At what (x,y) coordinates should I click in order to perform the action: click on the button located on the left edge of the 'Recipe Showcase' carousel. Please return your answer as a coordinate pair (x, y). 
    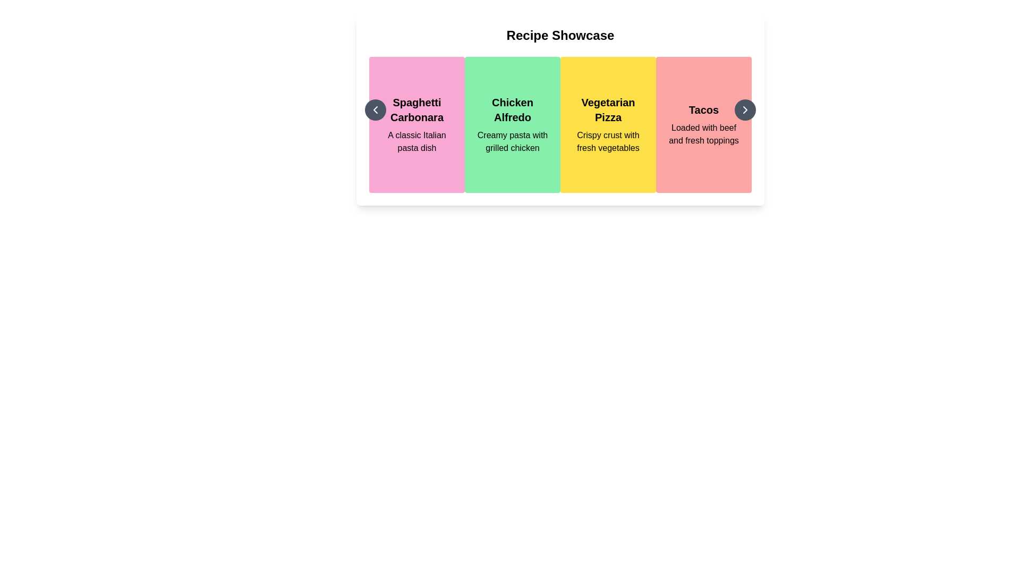
    Looking at the image, I should click on (375, 110).